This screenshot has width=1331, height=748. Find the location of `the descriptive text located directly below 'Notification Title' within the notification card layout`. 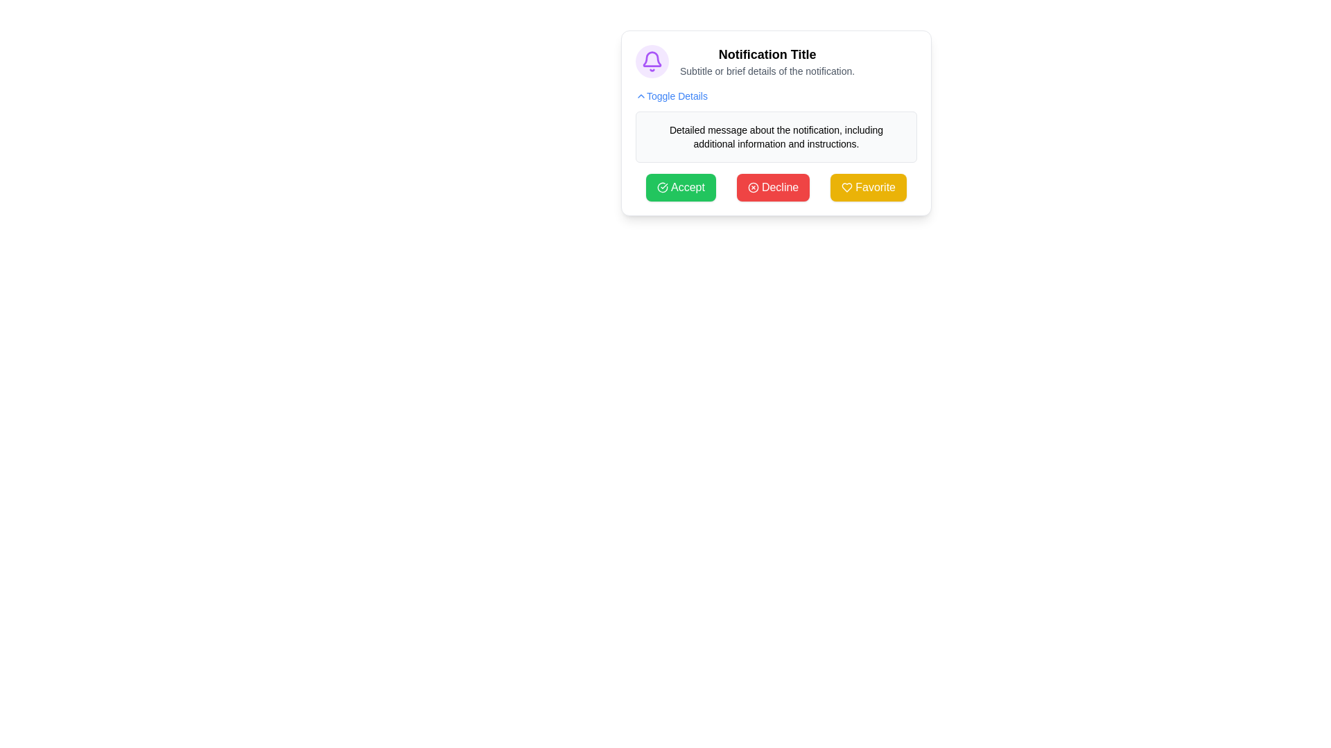

the descriptive text located directly below 'Notification Title' within the notification card layout is located at coordinates (767, 71).